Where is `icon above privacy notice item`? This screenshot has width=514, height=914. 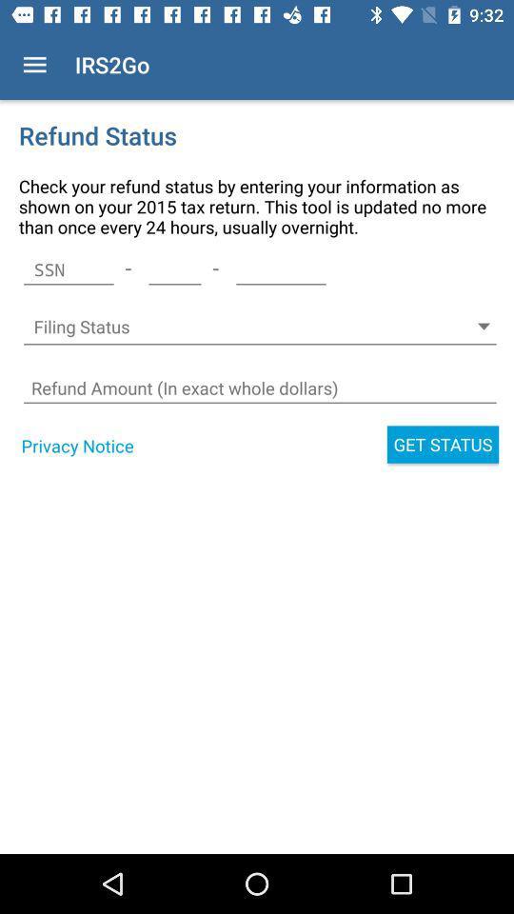
icon above privacy notice item is located at coordinates (259, 387).